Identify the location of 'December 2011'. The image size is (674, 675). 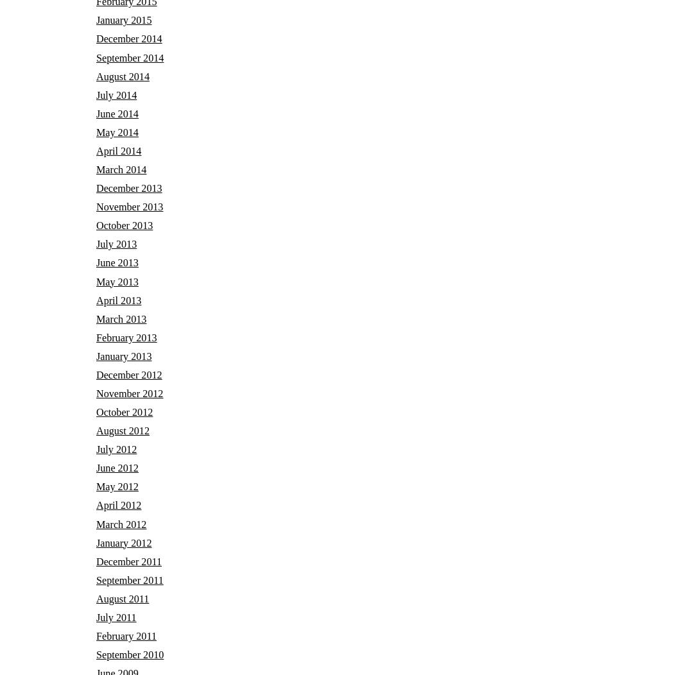
(128, 560).